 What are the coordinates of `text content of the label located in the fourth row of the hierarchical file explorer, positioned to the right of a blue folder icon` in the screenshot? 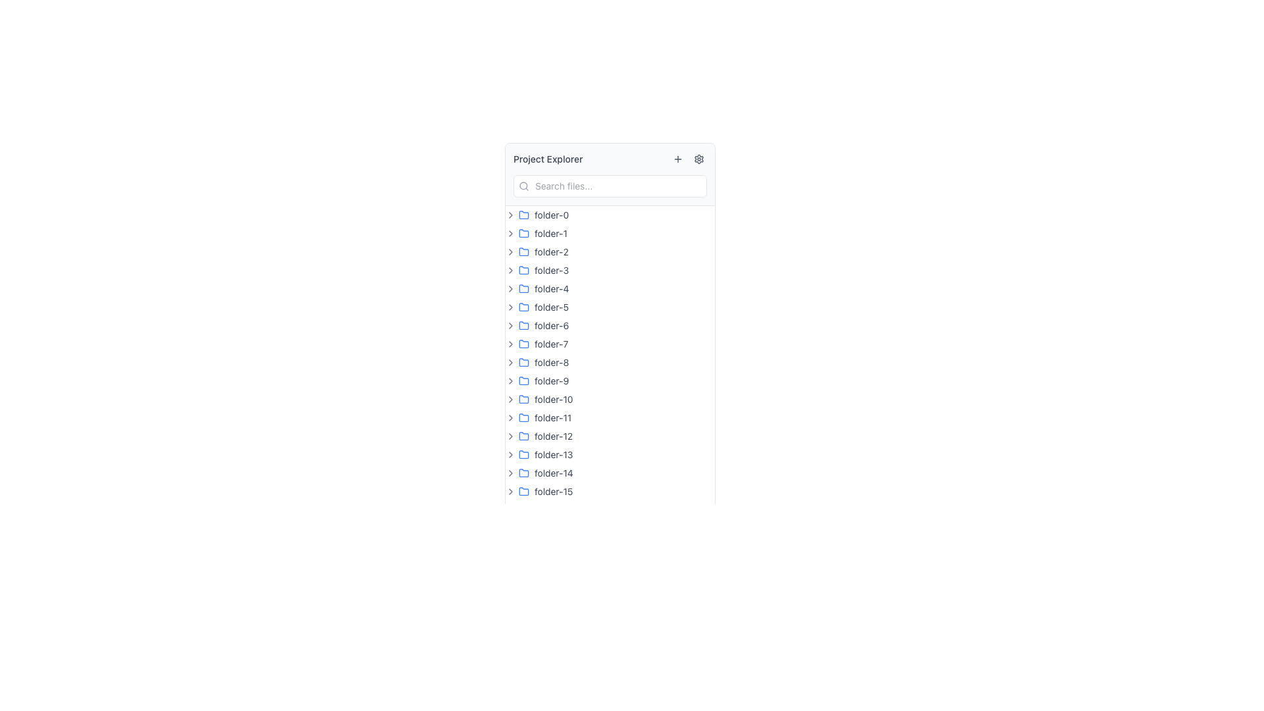 It's located at (552, 270).